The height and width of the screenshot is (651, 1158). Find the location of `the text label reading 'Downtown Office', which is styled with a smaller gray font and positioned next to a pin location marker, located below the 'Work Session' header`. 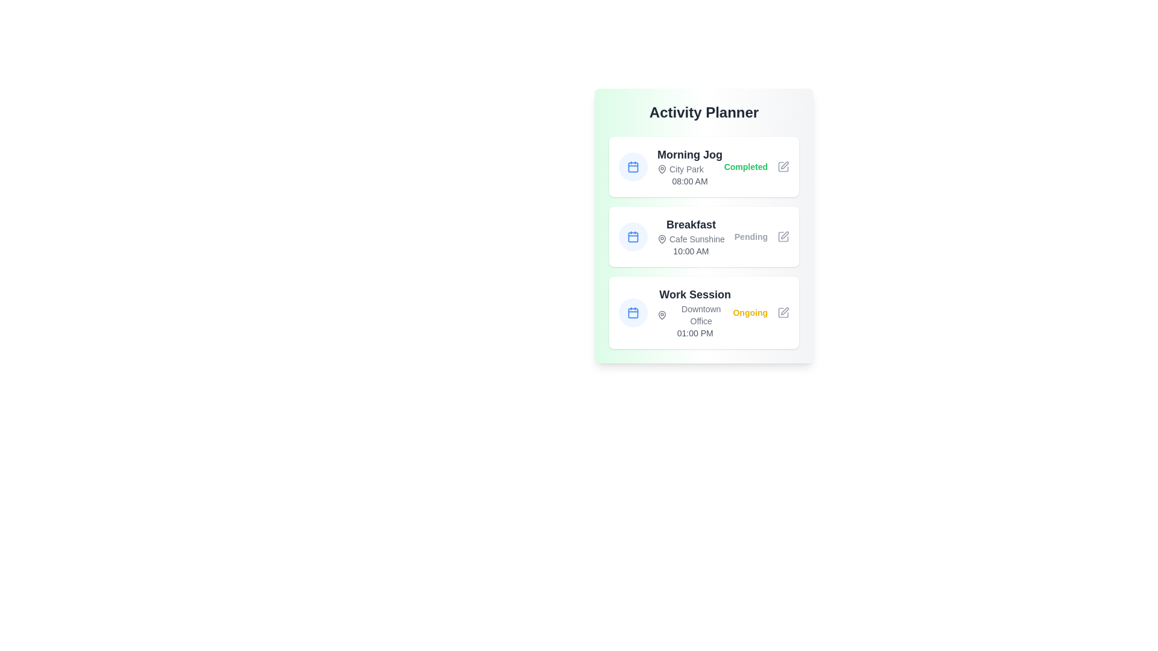

the text label reading 'Downtown Office', which is styled with a smaller gray font and positioned next to a pin location marker, located below the 'Work Session' header is located at coordinates (695, 315).